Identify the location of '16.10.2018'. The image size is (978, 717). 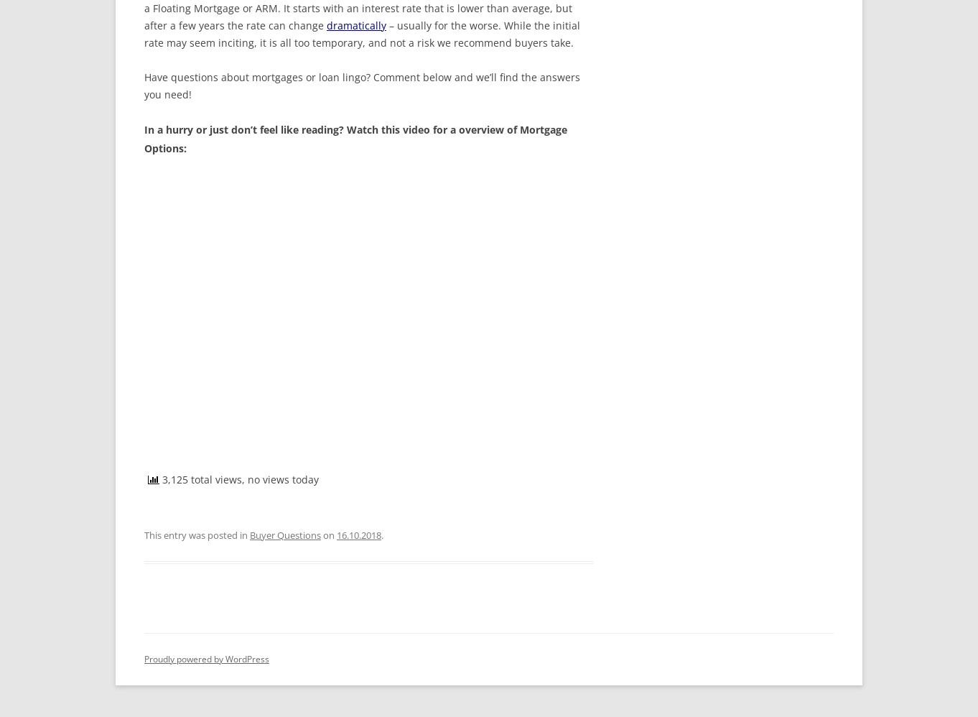
(358, 535).